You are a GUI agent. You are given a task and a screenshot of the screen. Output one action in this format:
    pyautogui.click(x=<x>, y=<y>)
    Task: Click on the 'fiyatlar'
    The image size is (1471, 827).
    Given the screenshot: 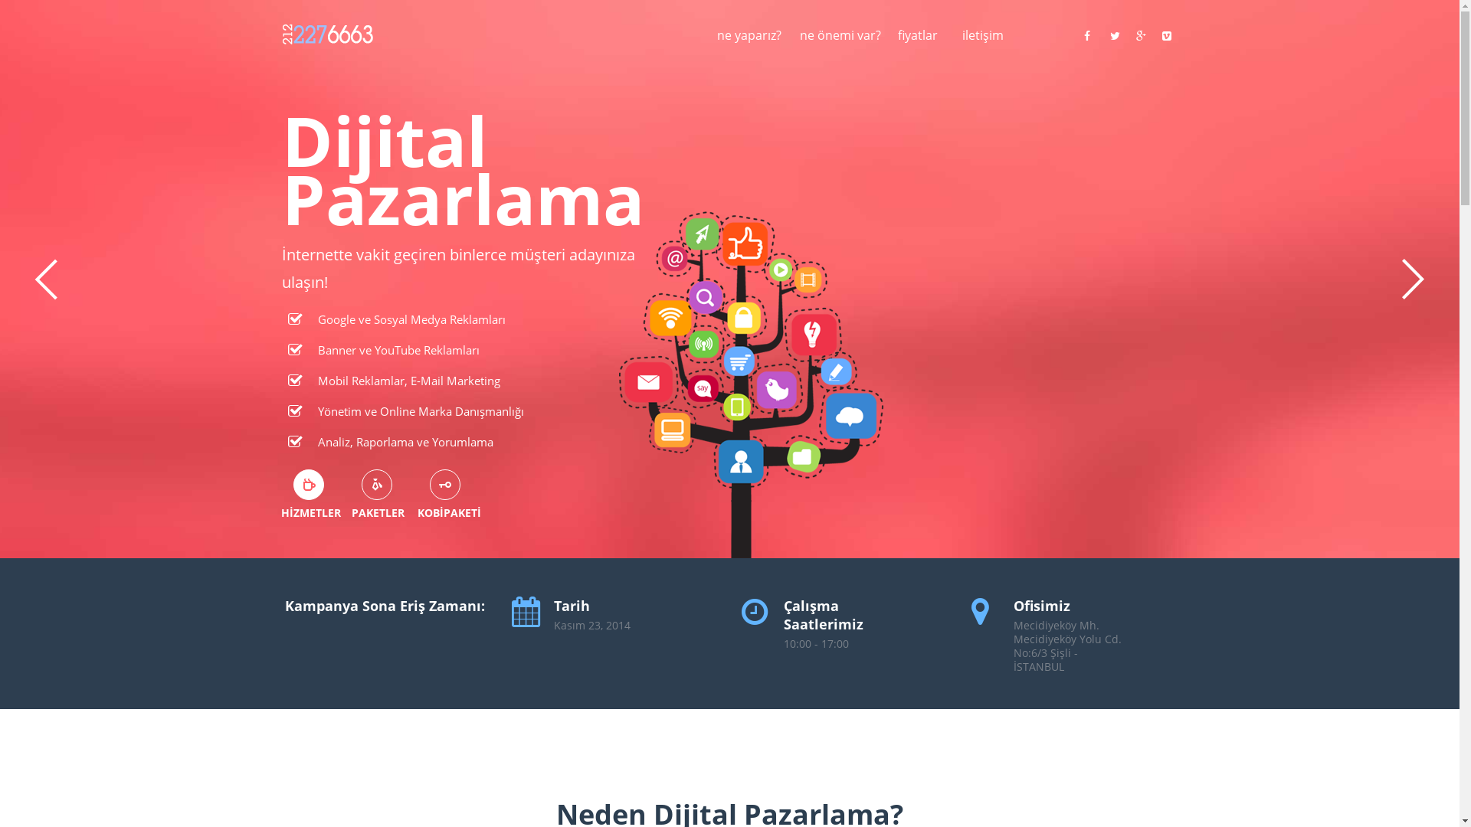 What is the action you would take?
    pyautogui.click(x=897, y=43)
    